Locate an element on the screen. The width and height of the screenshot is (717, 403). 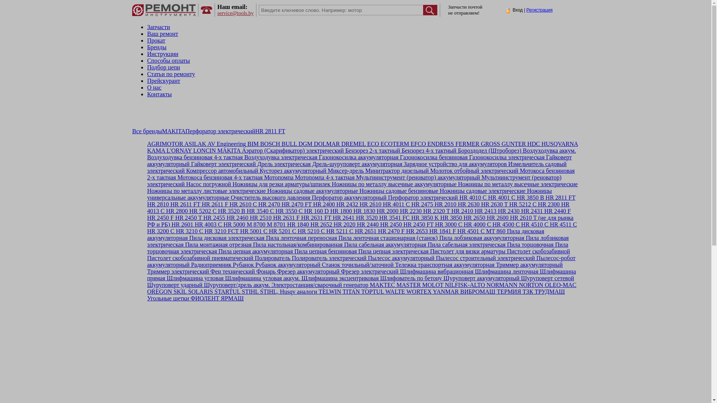
'HR 3210 C' is located at coordinates (189, 231).